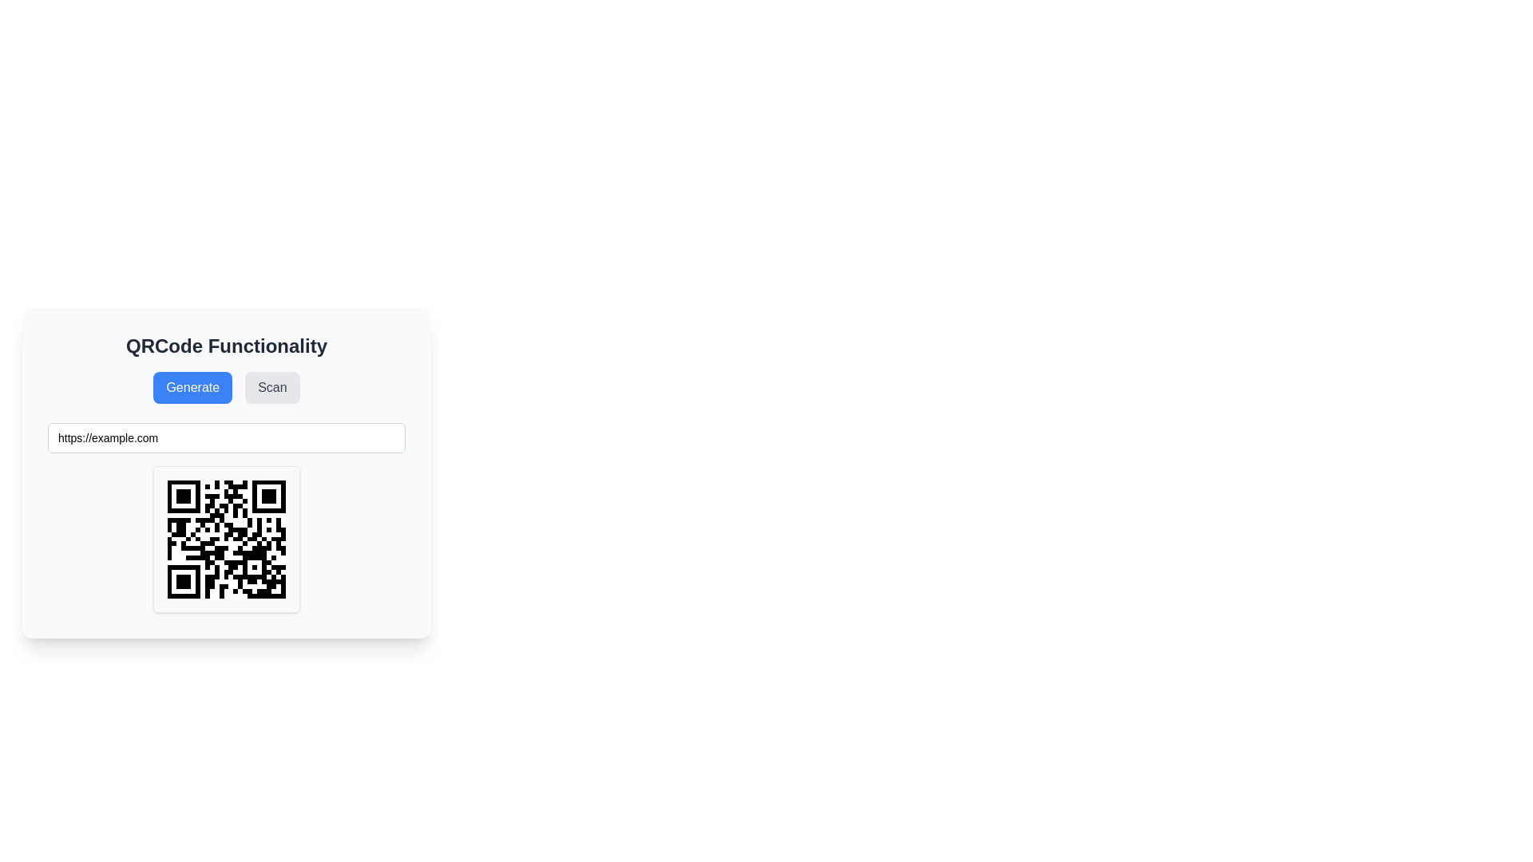  What do you see at coordinates (225, 388) in the screenshot?
I see `the button group consisting of a blue 'Generate' button and a gray 'Scan' button, located beneath the header 'QRCode Functionality'` at bounding box center [225, 388].